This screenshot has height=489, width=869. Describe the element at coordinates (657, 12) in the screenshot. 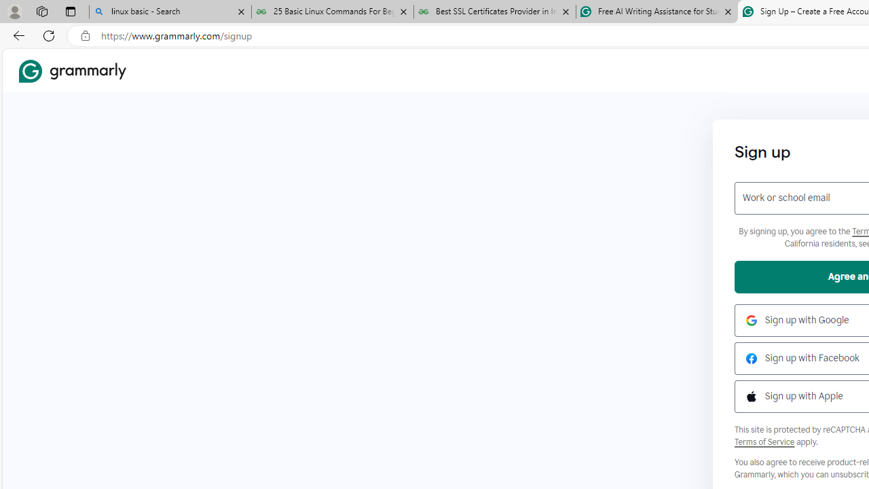

I see `'Free AI Writing Assistance for Students | Grammarly'` at that location.